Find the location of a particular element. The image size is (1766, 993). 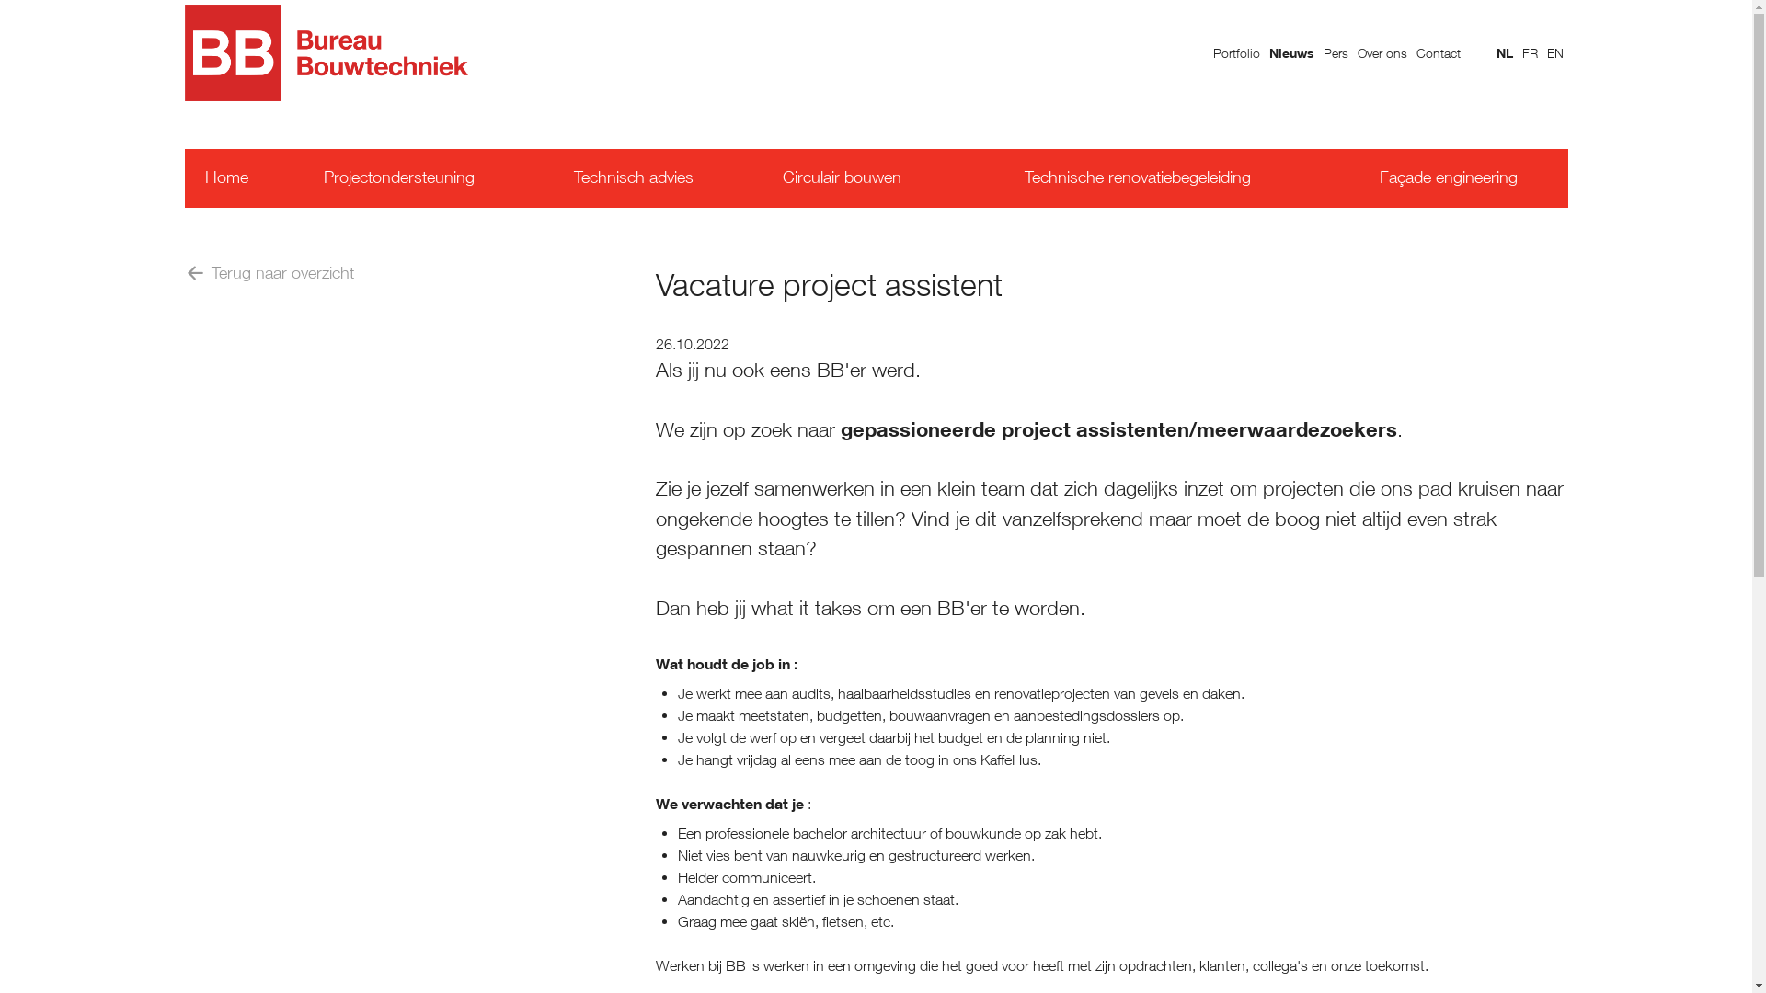

'Terug naar overzicht' is located at coordinates (268, 273).